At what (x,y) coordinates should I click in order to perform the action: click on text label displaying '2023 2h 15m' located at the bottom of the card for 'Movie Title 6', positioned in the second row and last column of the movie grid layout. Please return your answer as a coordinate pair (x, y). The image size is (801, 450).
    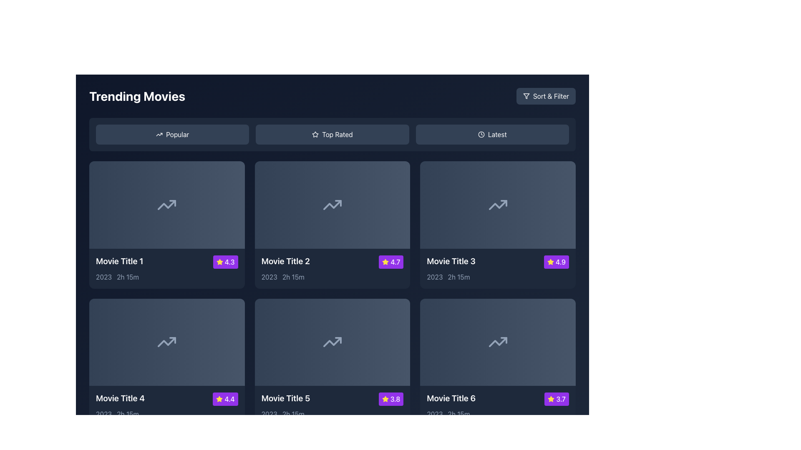
    Looking at the image, I should click on (498, 414).